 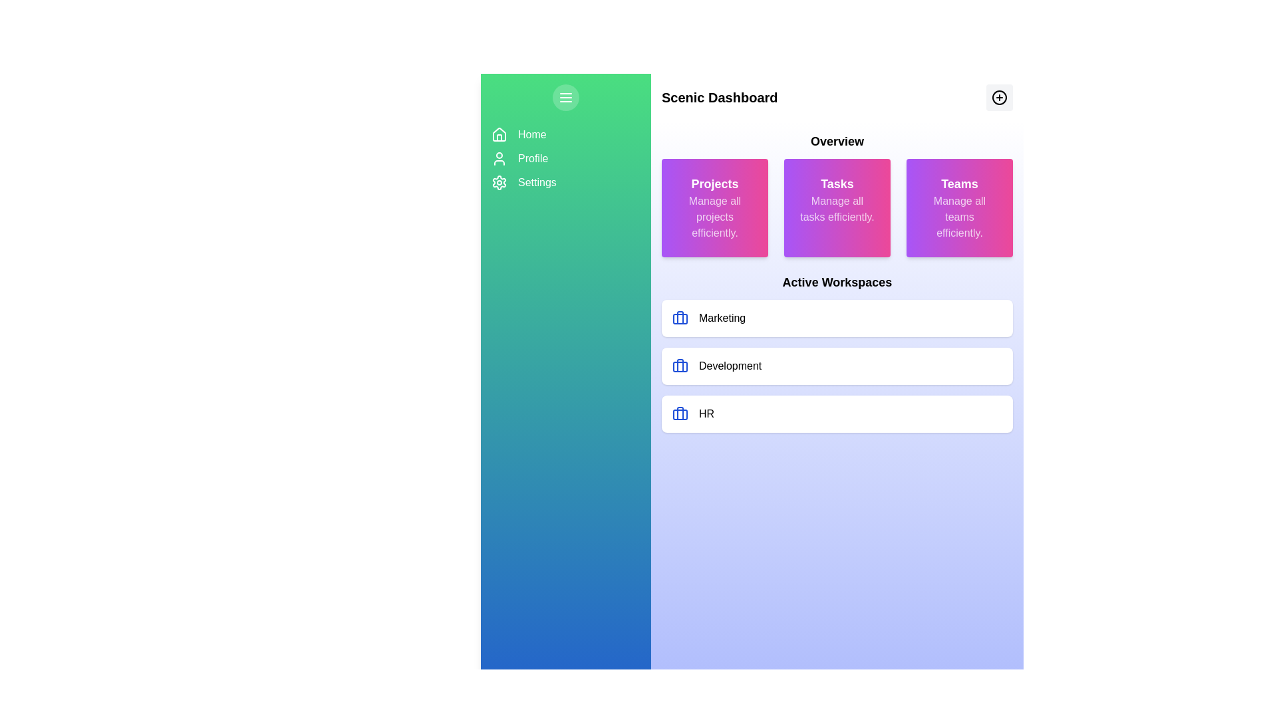 I want to click on the third item in the vertical list of workspace categories under the 'Active Workspaces' section, so click(x=836, y=414).